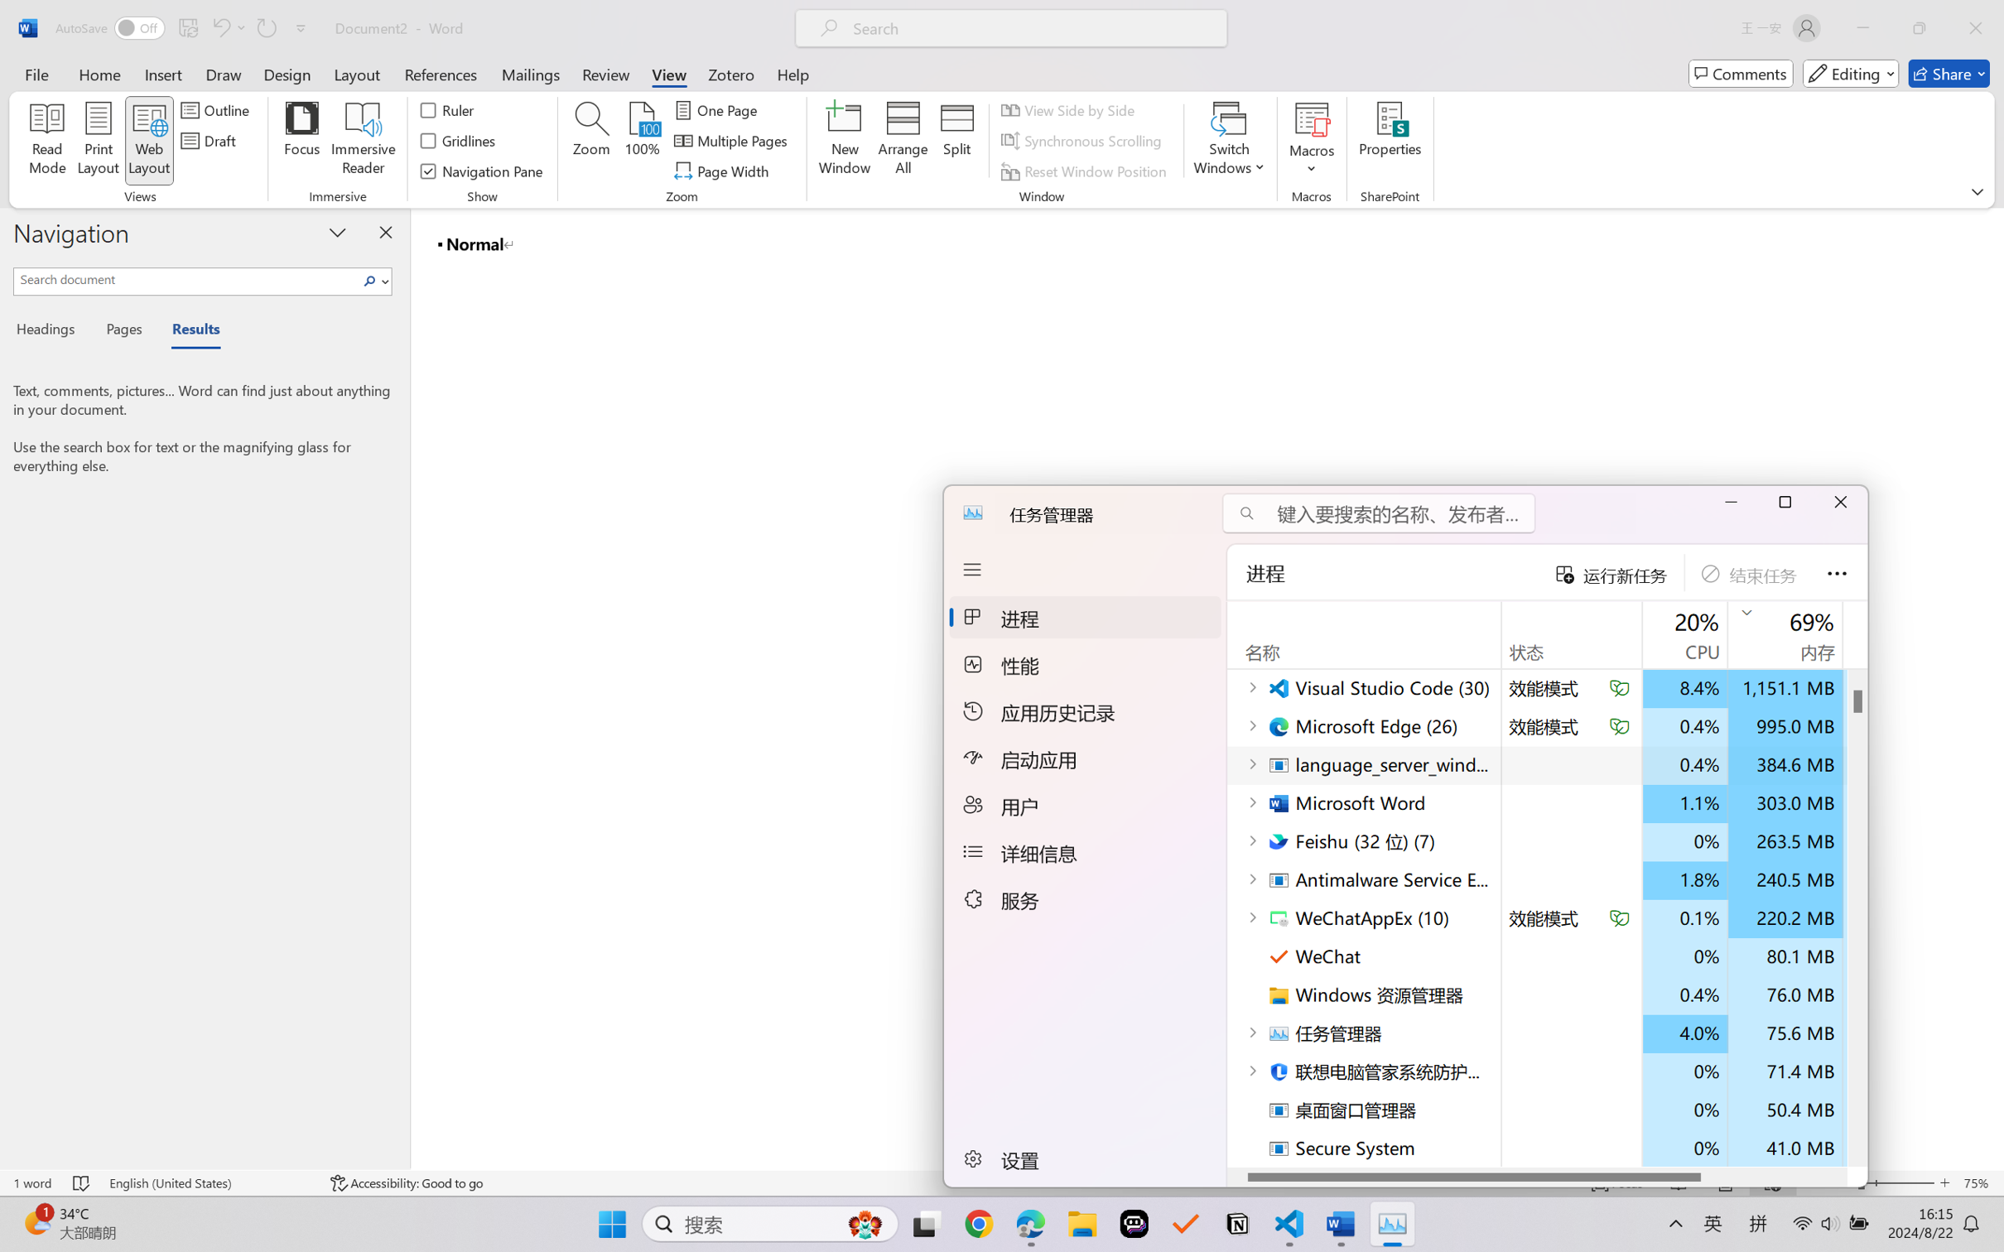 The width and height of the screenshot is (2004, 1252). I want to click on 'Class: NetUIScrollBar', so click(1993, 688).